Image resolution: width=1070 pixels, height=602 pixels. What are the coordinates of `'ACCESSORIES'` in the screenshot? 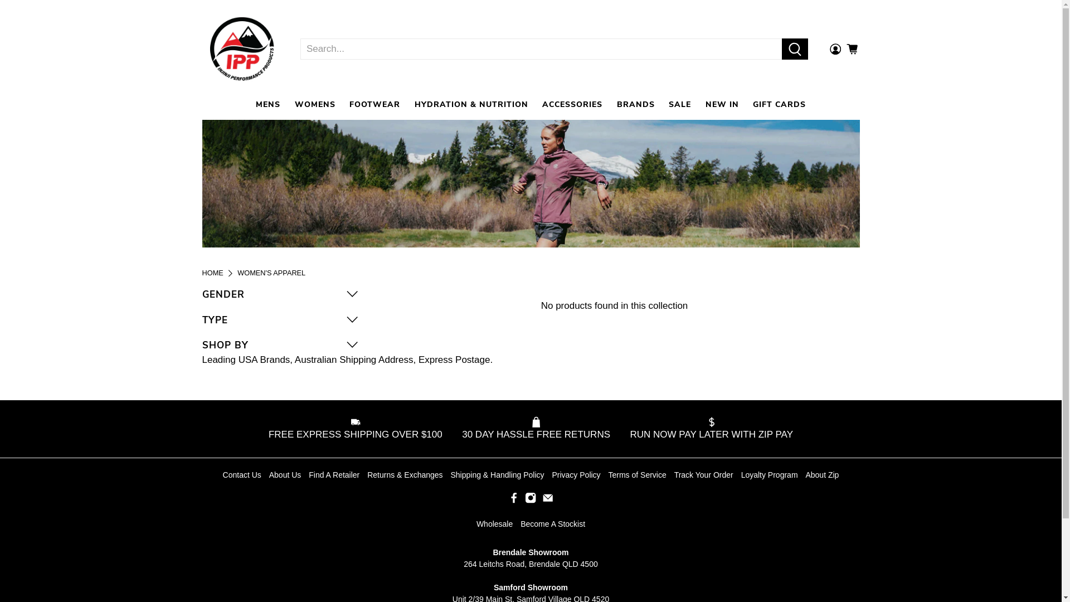 It's located at (572, 104).